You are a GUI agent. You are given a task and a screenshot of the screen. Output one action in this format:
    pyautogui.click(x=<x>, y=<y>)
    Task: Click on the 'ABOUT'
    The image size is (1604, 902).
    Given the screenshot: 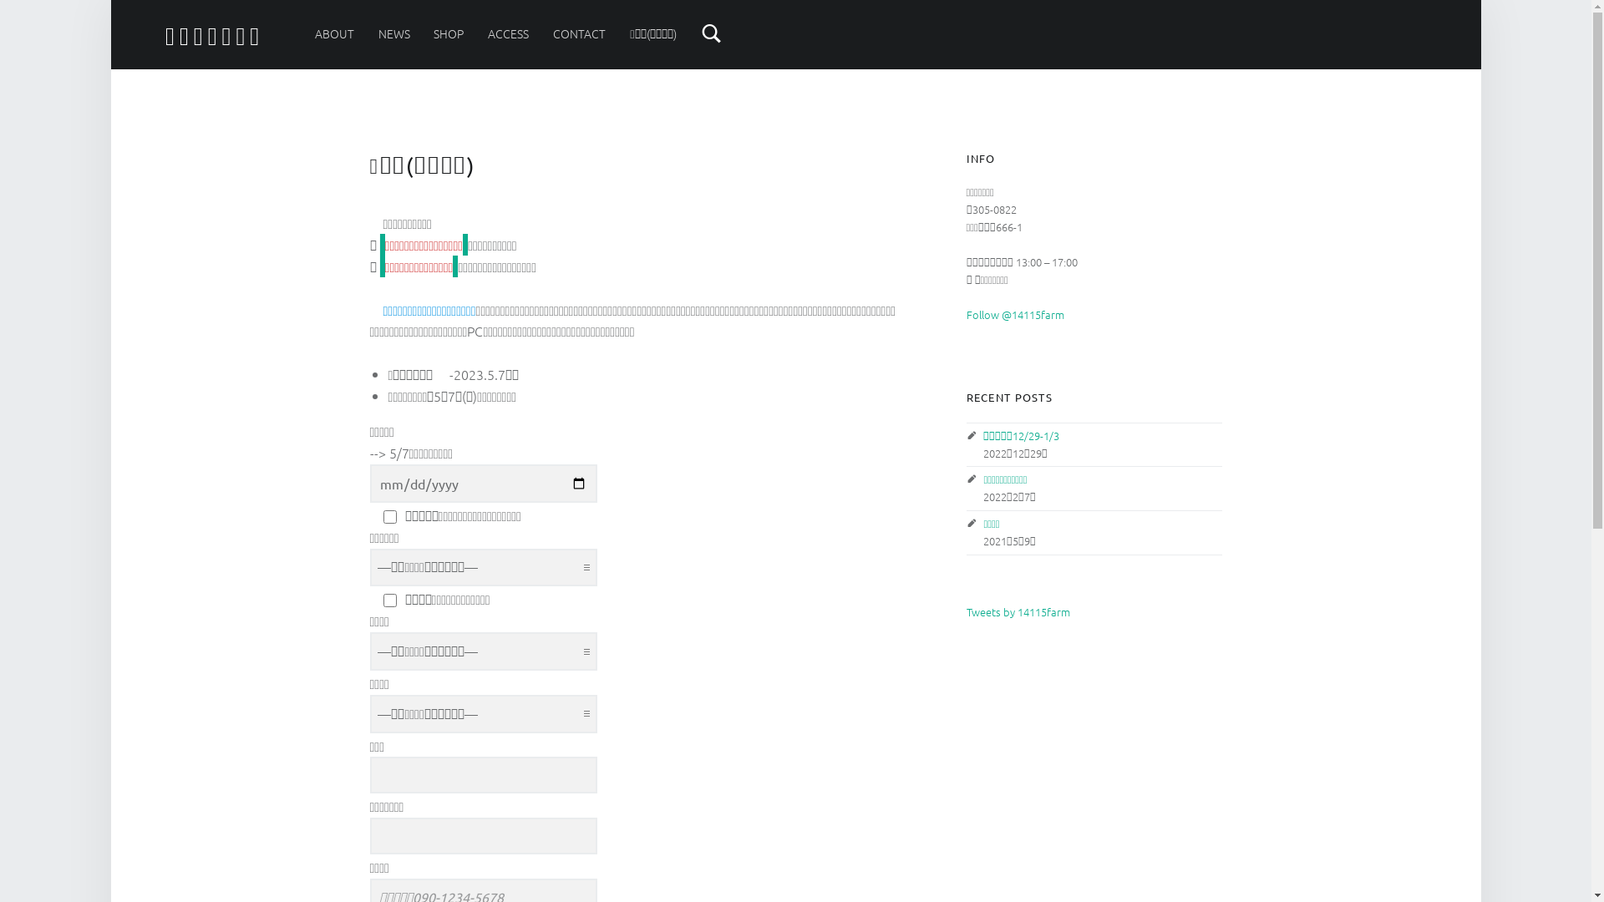 What is the action you would take?
    pyautogui.click(x=315, y=33)
    